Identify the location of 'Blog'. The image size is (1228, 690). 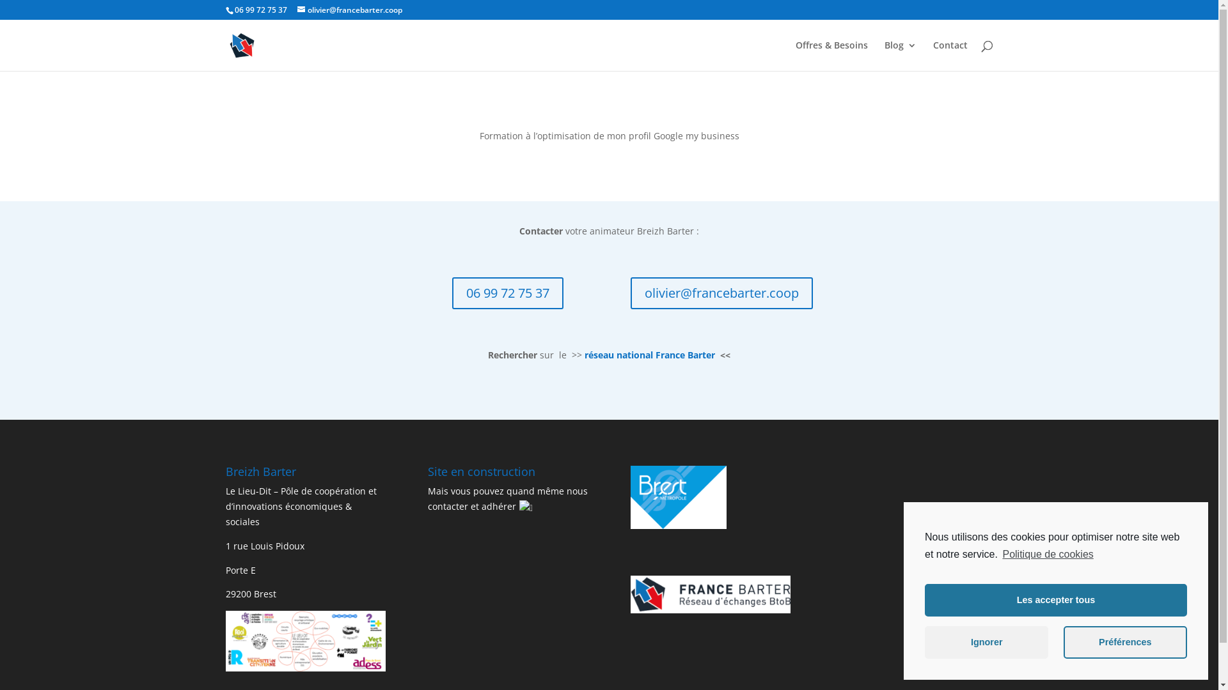
(899, 55).